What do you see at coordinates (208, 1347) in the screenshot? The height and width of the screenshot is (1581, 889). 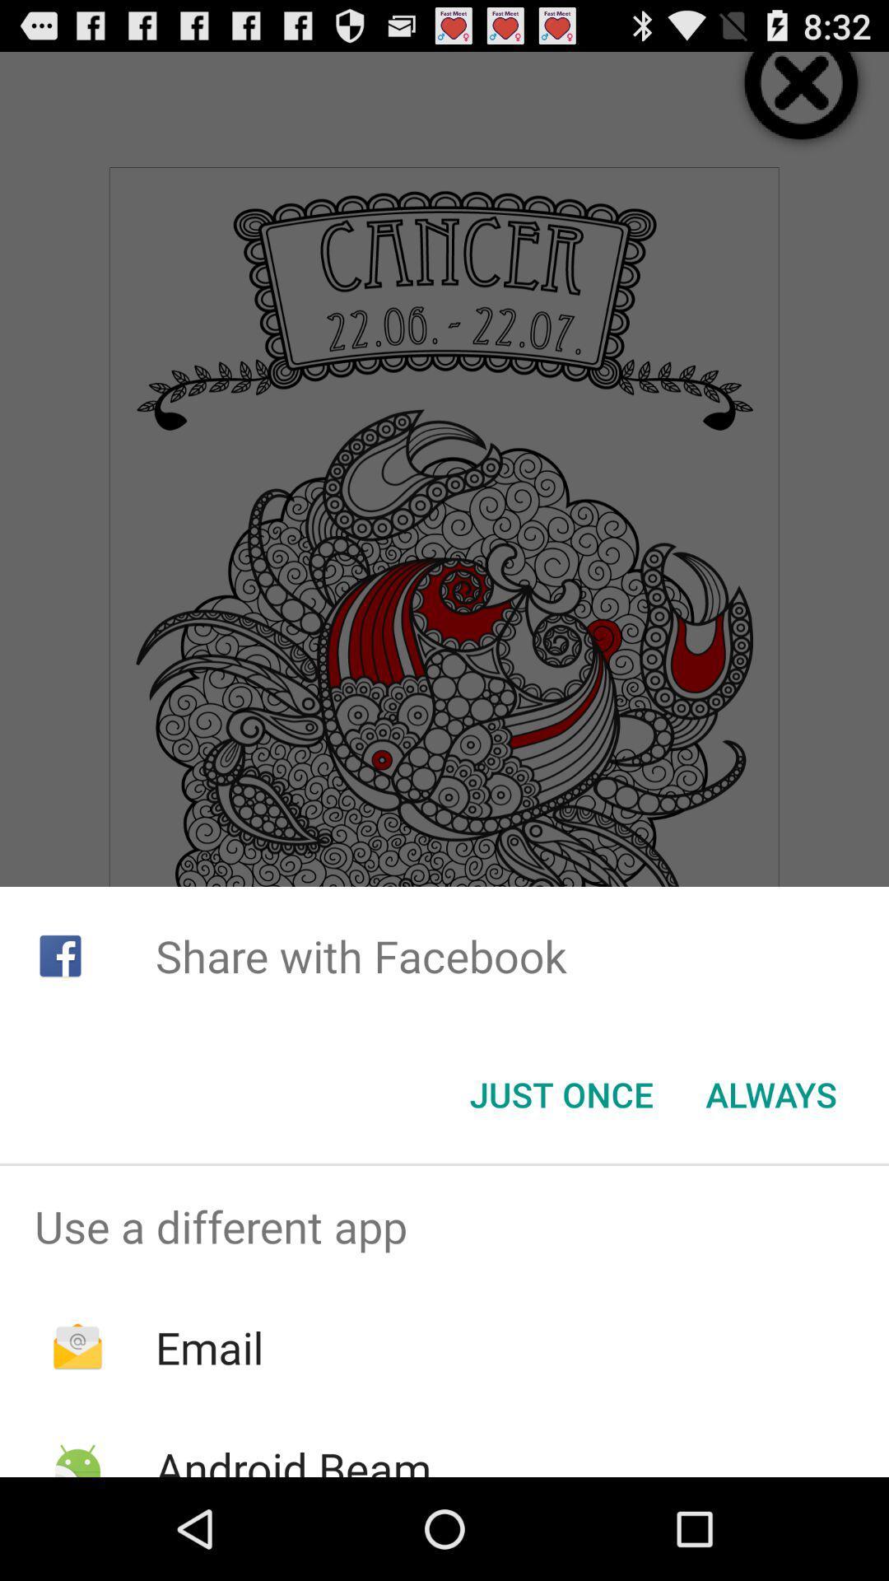 I see `email item` at bounding box center [208, 1347].